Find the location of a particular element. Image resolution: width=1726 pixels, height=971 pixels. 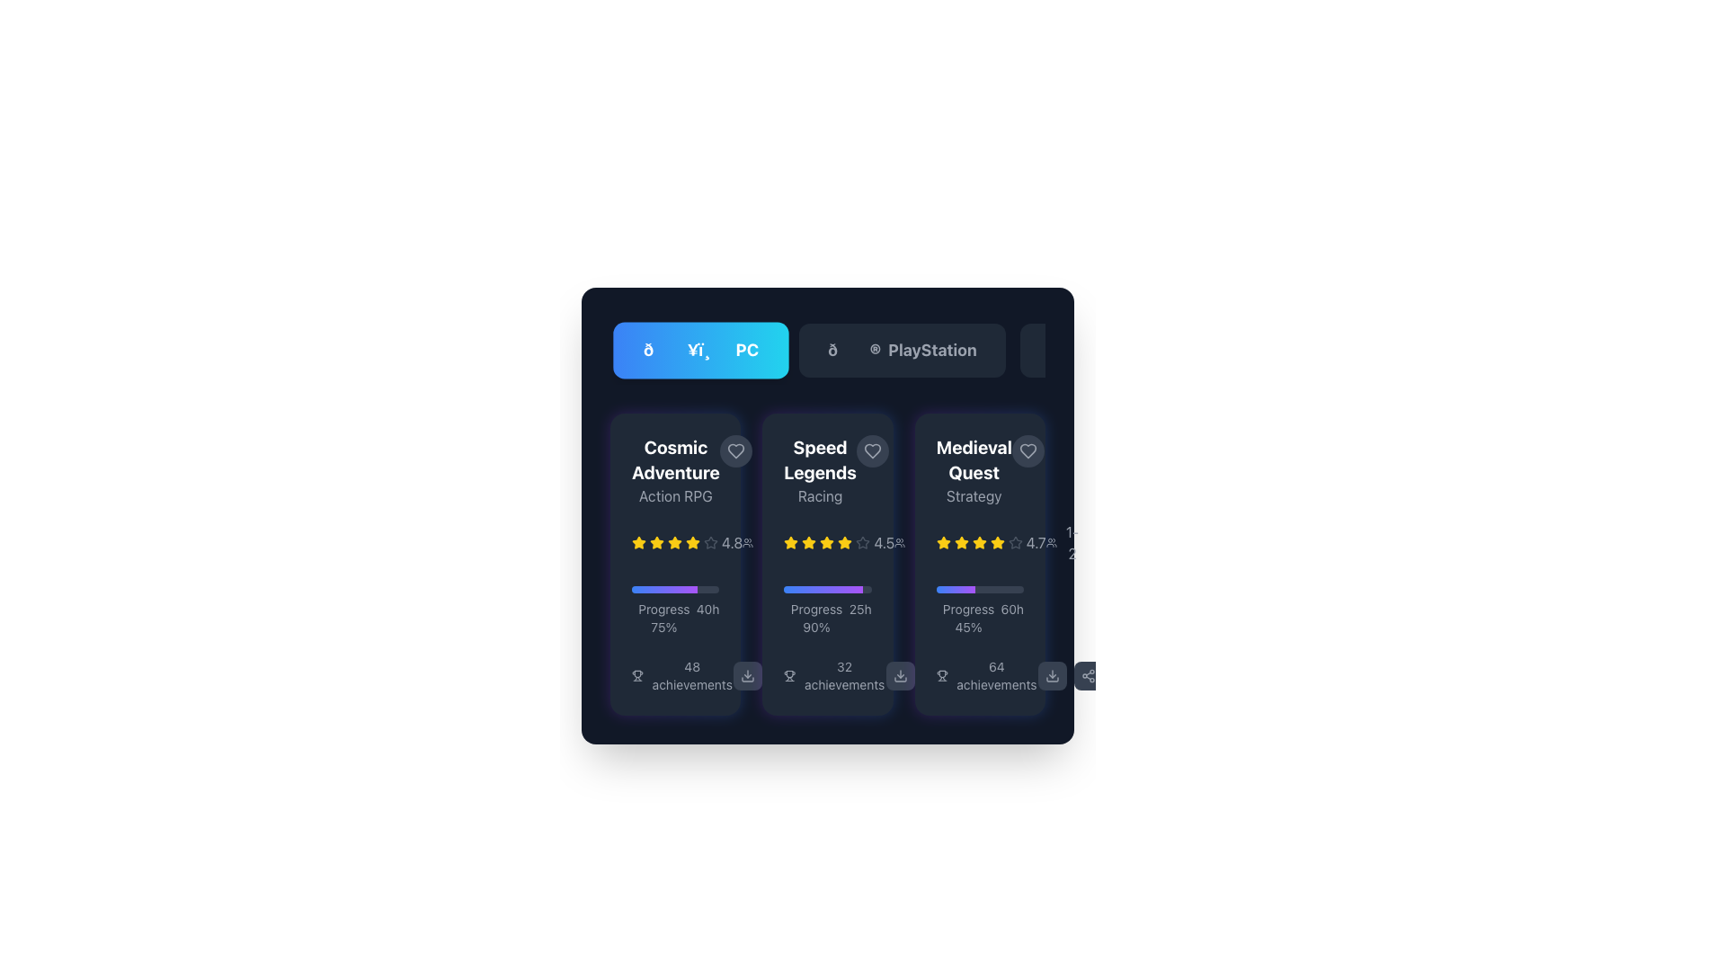

the progress bar indicating 75% completion, which is styled with a gradient from blue to purple, located in the 'Speed Legends' game card is located at coordinates (674, 589).